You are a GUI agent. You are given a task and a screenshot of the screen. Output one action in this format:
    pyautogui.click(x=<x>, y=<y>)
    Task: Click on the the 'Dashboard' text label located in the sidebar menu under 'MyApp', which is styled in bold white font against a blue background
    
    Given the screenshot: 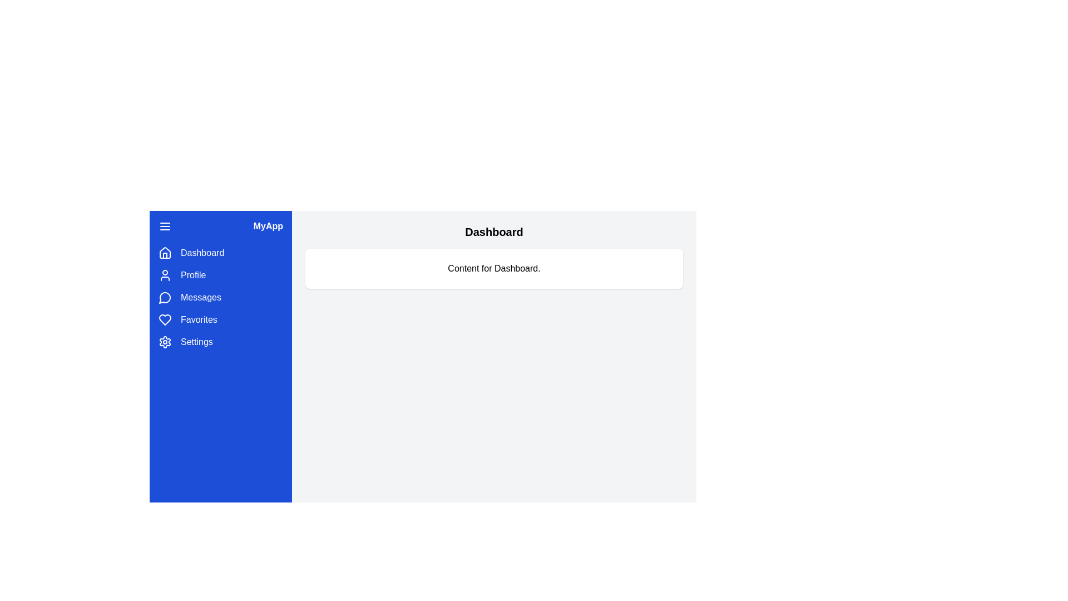 What is the action you would take?
    pyautogui.click(x=202, y=253)
    